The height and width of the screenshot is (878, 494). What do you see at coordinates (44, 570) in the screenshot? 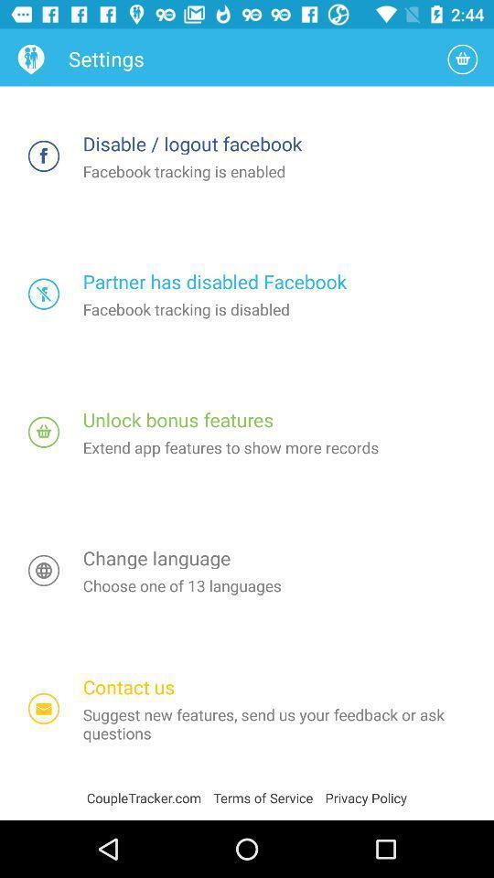
I see `open change language settings` at bounding box center [44, 570].